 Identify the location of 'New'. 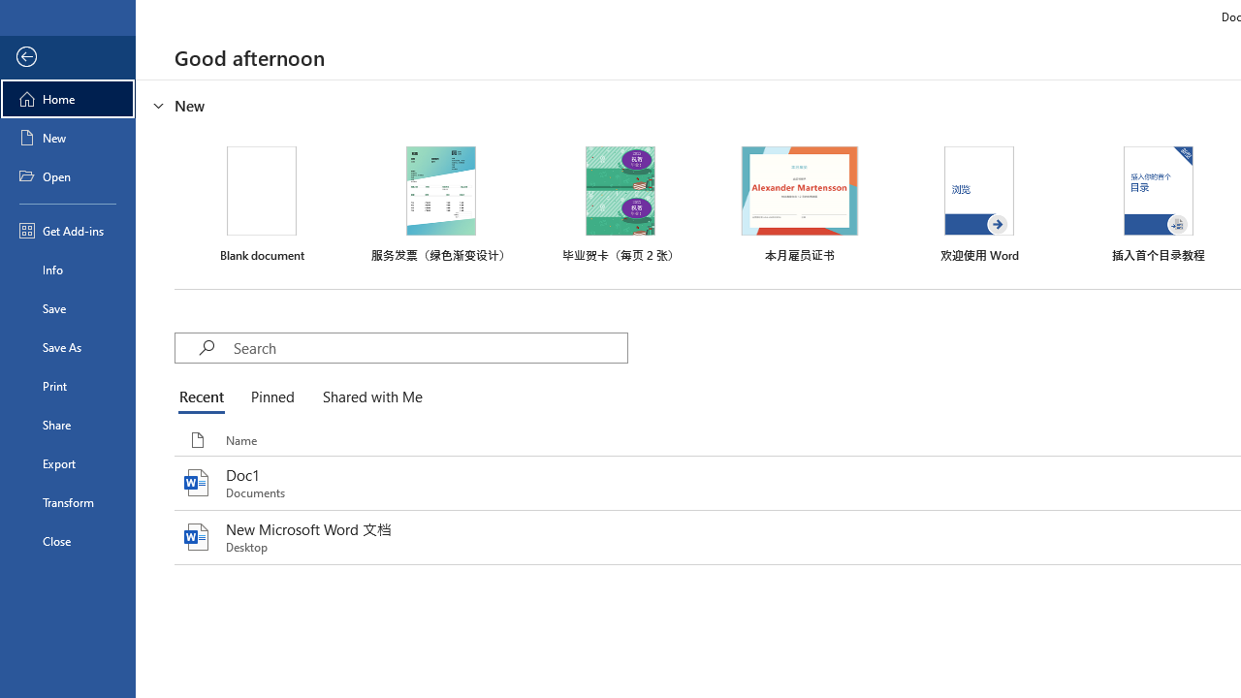
(67, 136).